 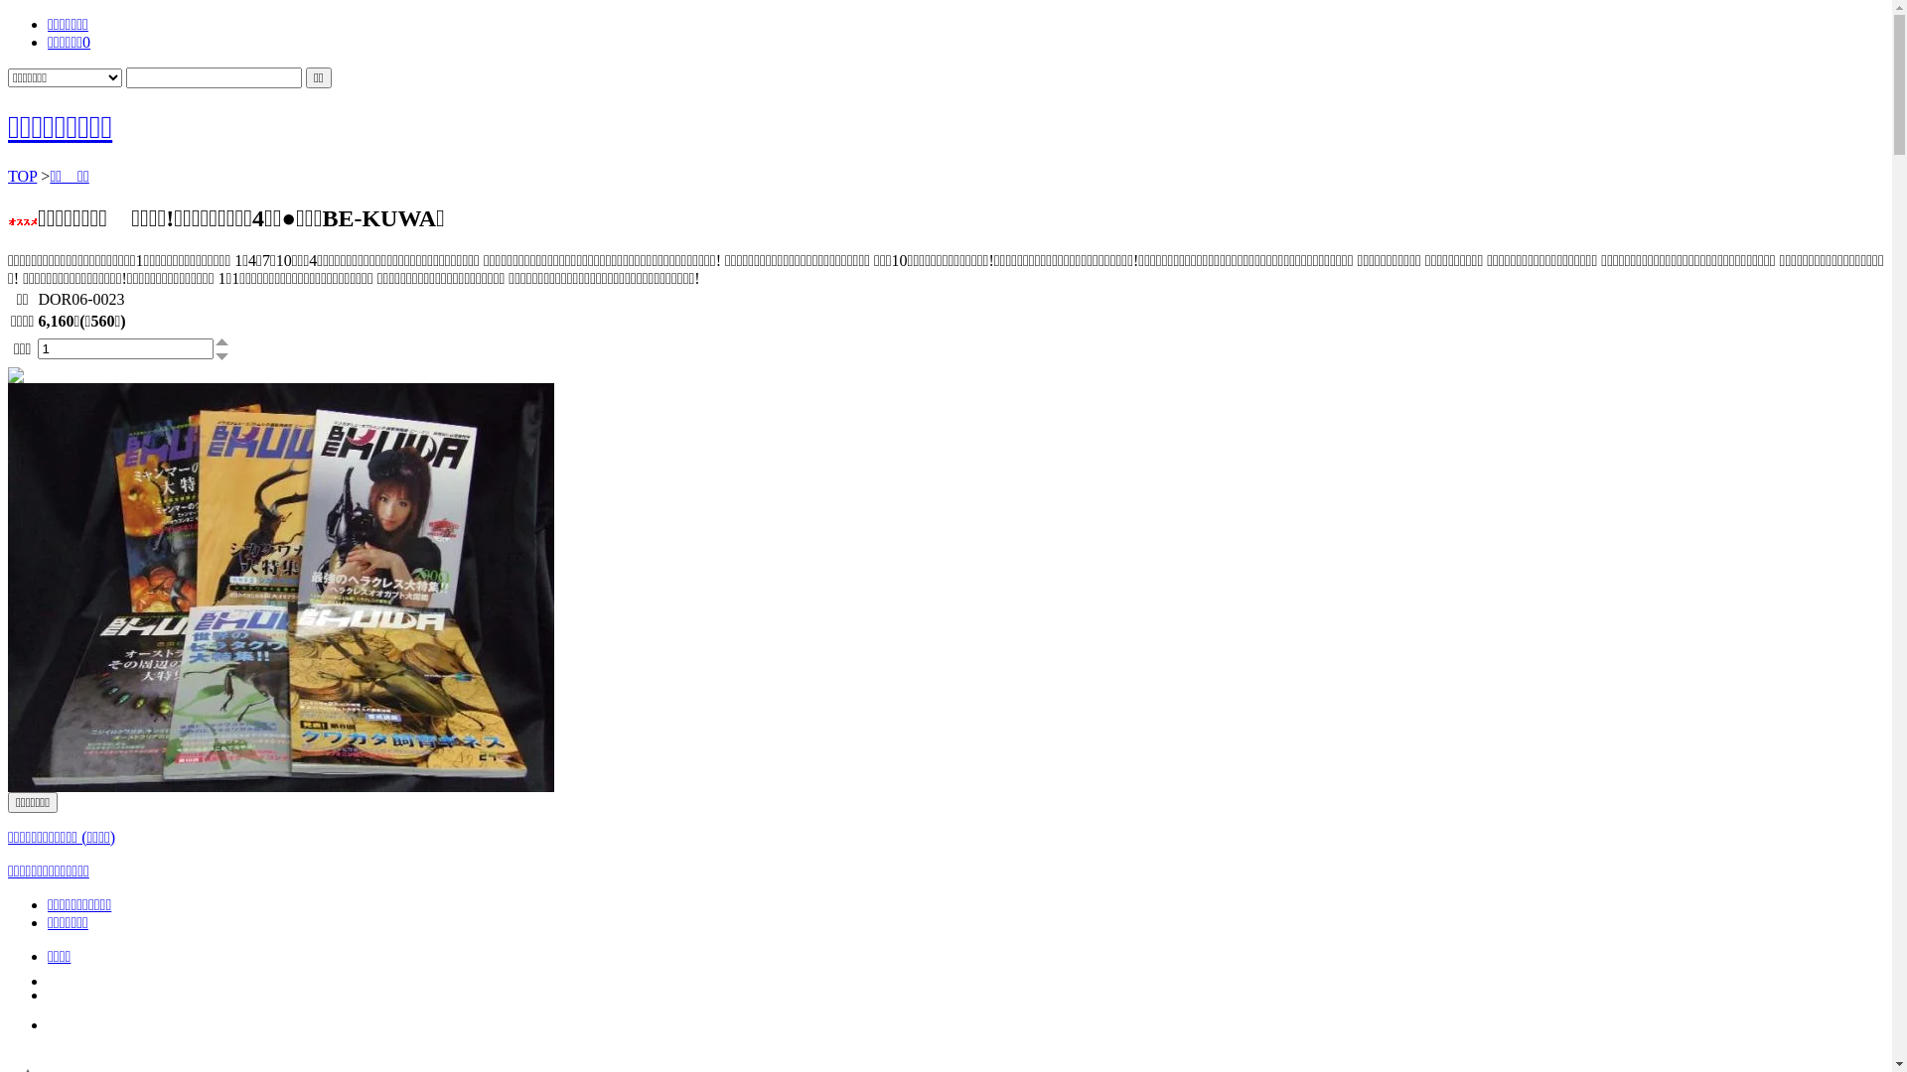 I want to click on 'TOP', so click(x=22, y=175).